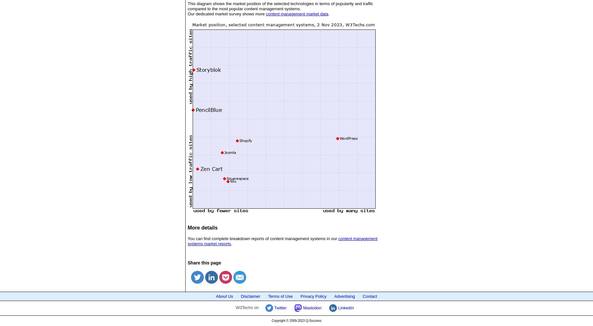 This screenshot has height=326, width=593. What do you see at coordinates (280, 5) in the screenshot?
I see `'This diagram shows the market position of the selected technologies in terms of popularity and traffic compared to the most popular content management systems.'` at bounding box center [280, 5].